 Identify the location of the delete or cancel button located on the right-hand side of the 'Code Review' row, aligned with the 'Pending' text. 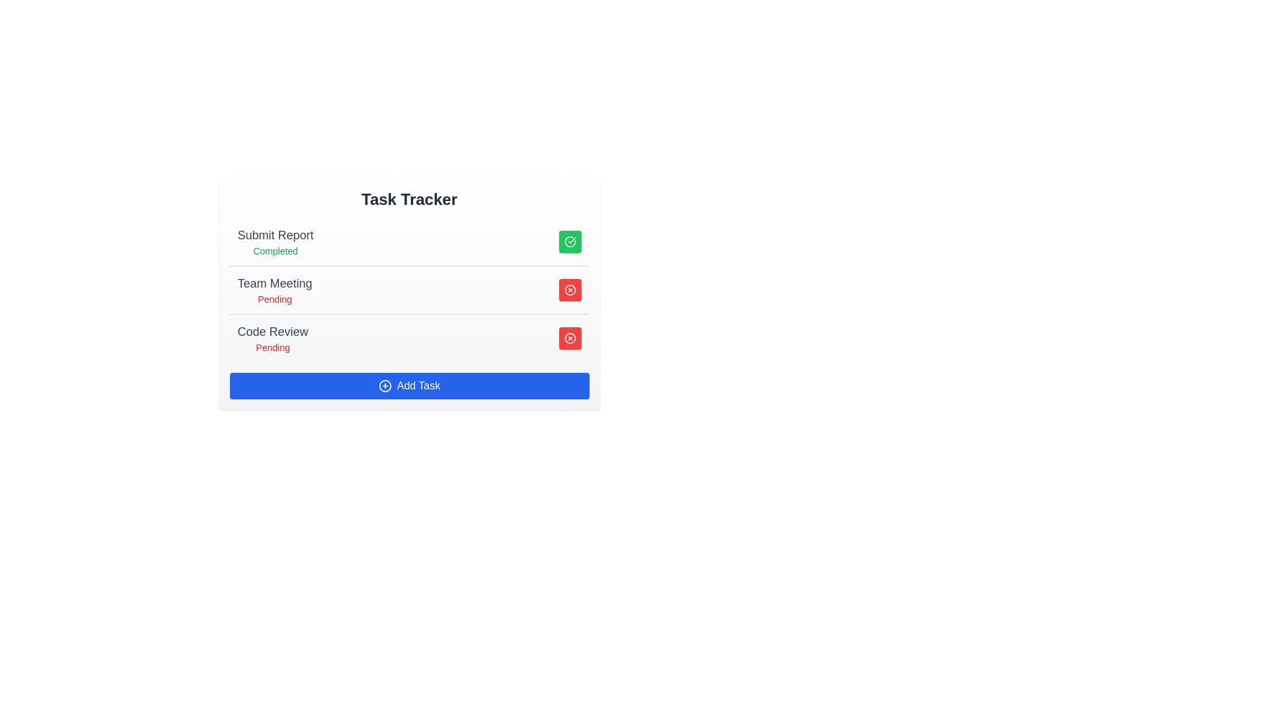
(570, 338).